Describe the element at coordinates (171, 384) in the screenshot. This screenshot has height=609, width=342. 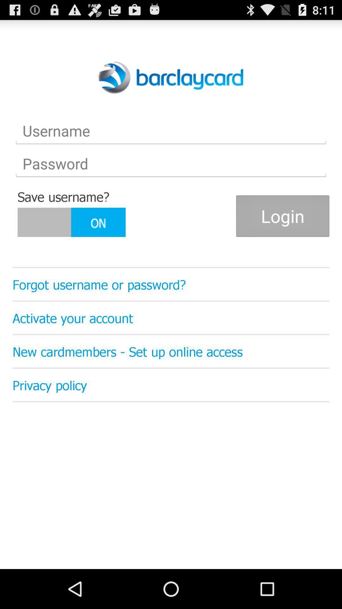
I see `the privacy policy item` at that location.